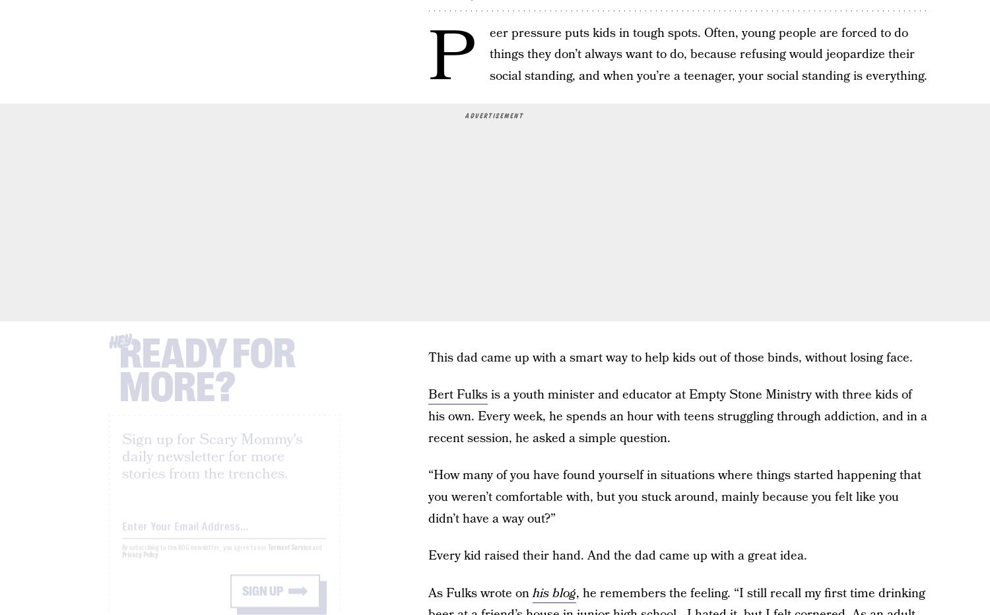 The width and height of the screenshot is (990, 615). Describe the element at coordinates (457, 394) in the screenshot. I see `'Bert Fulks'` at that location.